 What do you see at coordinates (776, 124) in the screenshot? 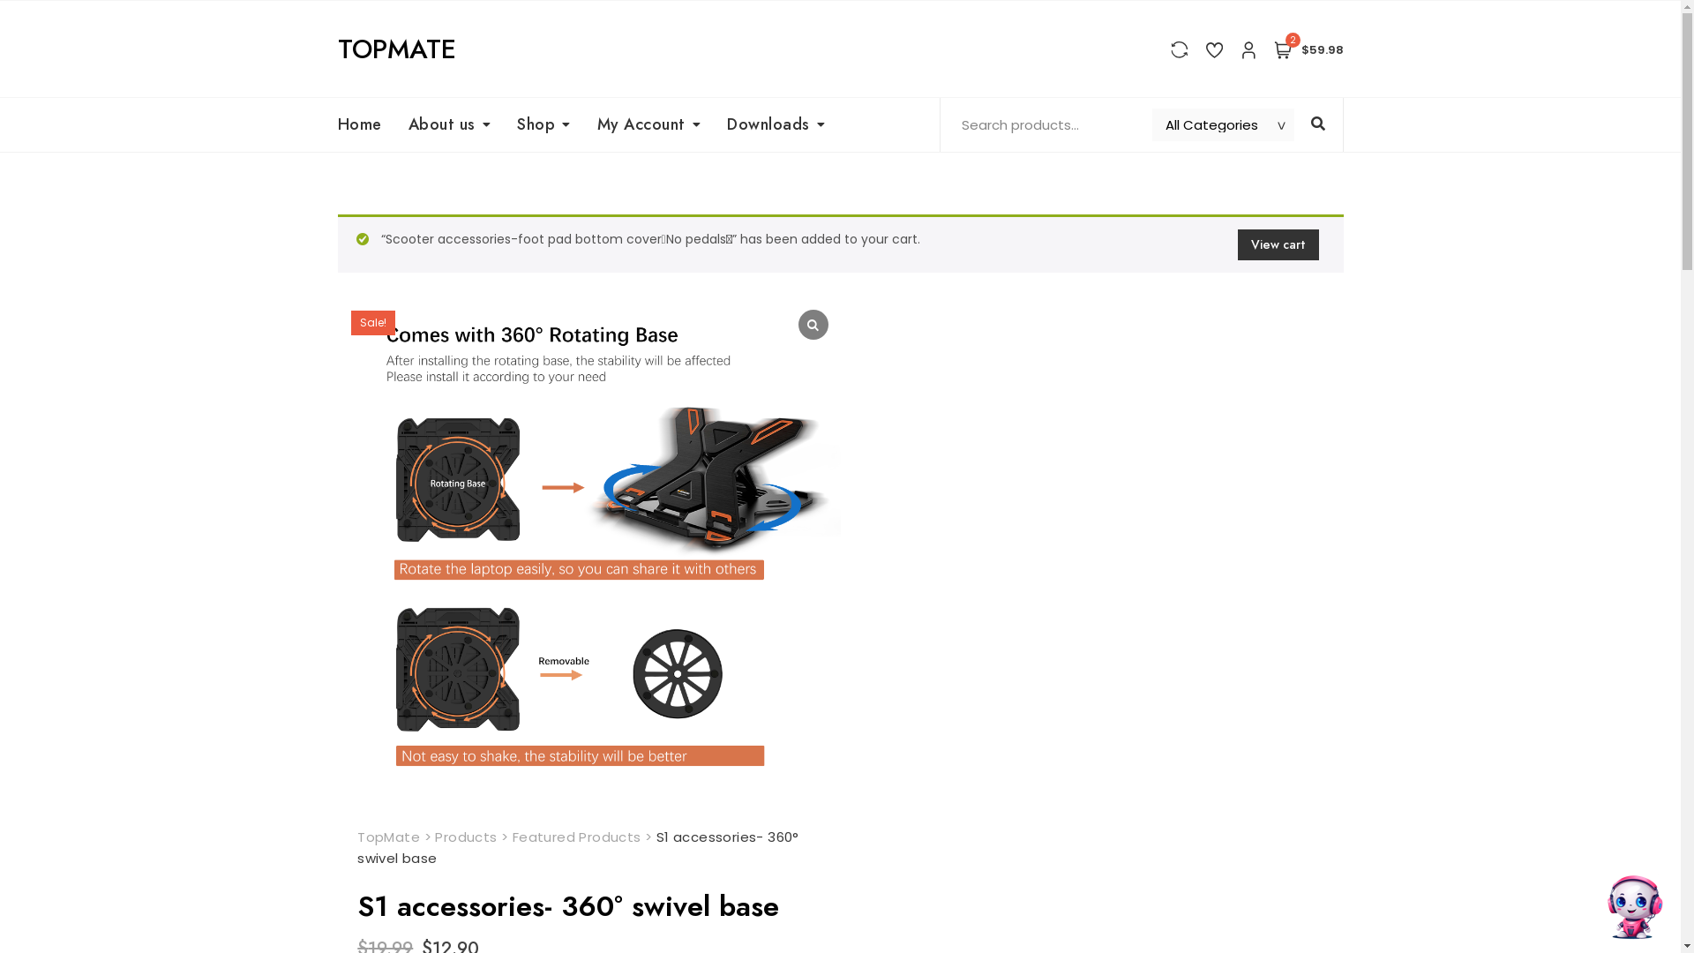
I see `'Downloads'` at bounding box center [776, 124].